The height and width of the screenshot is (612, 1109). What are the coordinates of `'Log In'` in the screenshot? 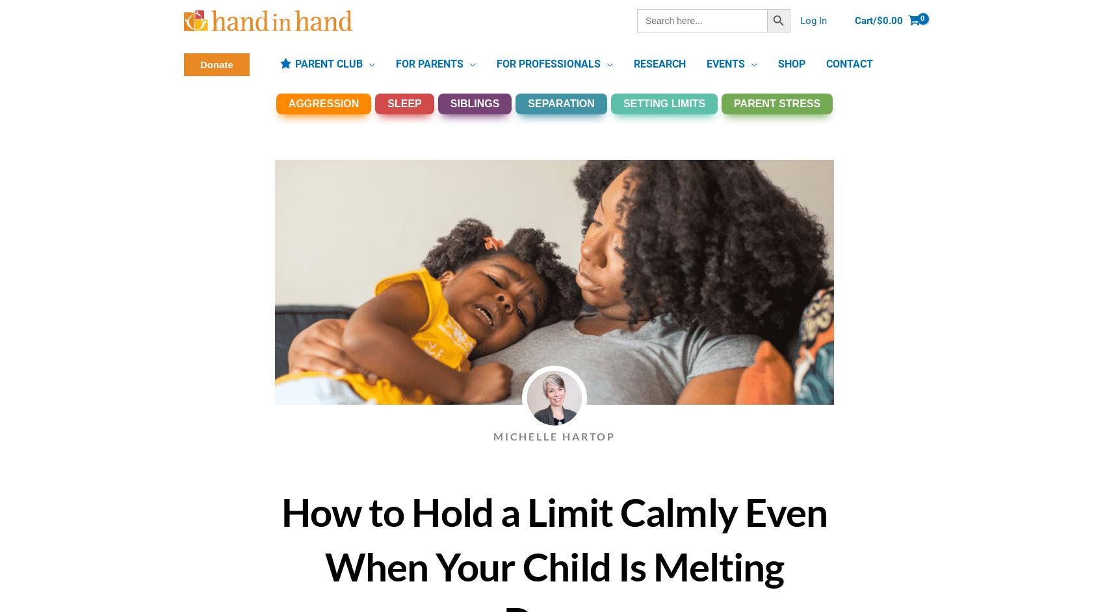 It's located at (813, 21).